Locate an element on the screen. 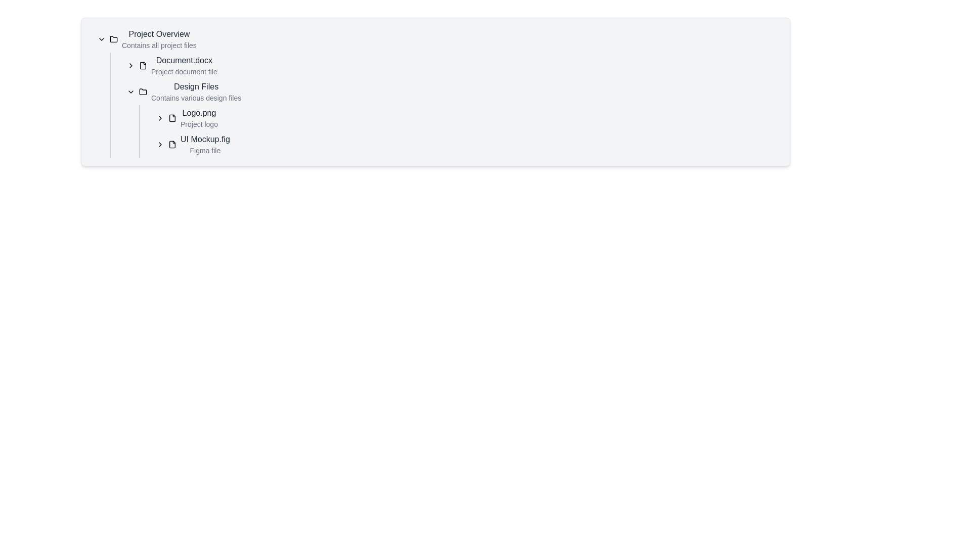 Image resolution: width=971 pixels, height=546 pixels. the 'Design Files' text label, which identifies the context of the folder in the file directory interface is located at coordinates (196, 86).